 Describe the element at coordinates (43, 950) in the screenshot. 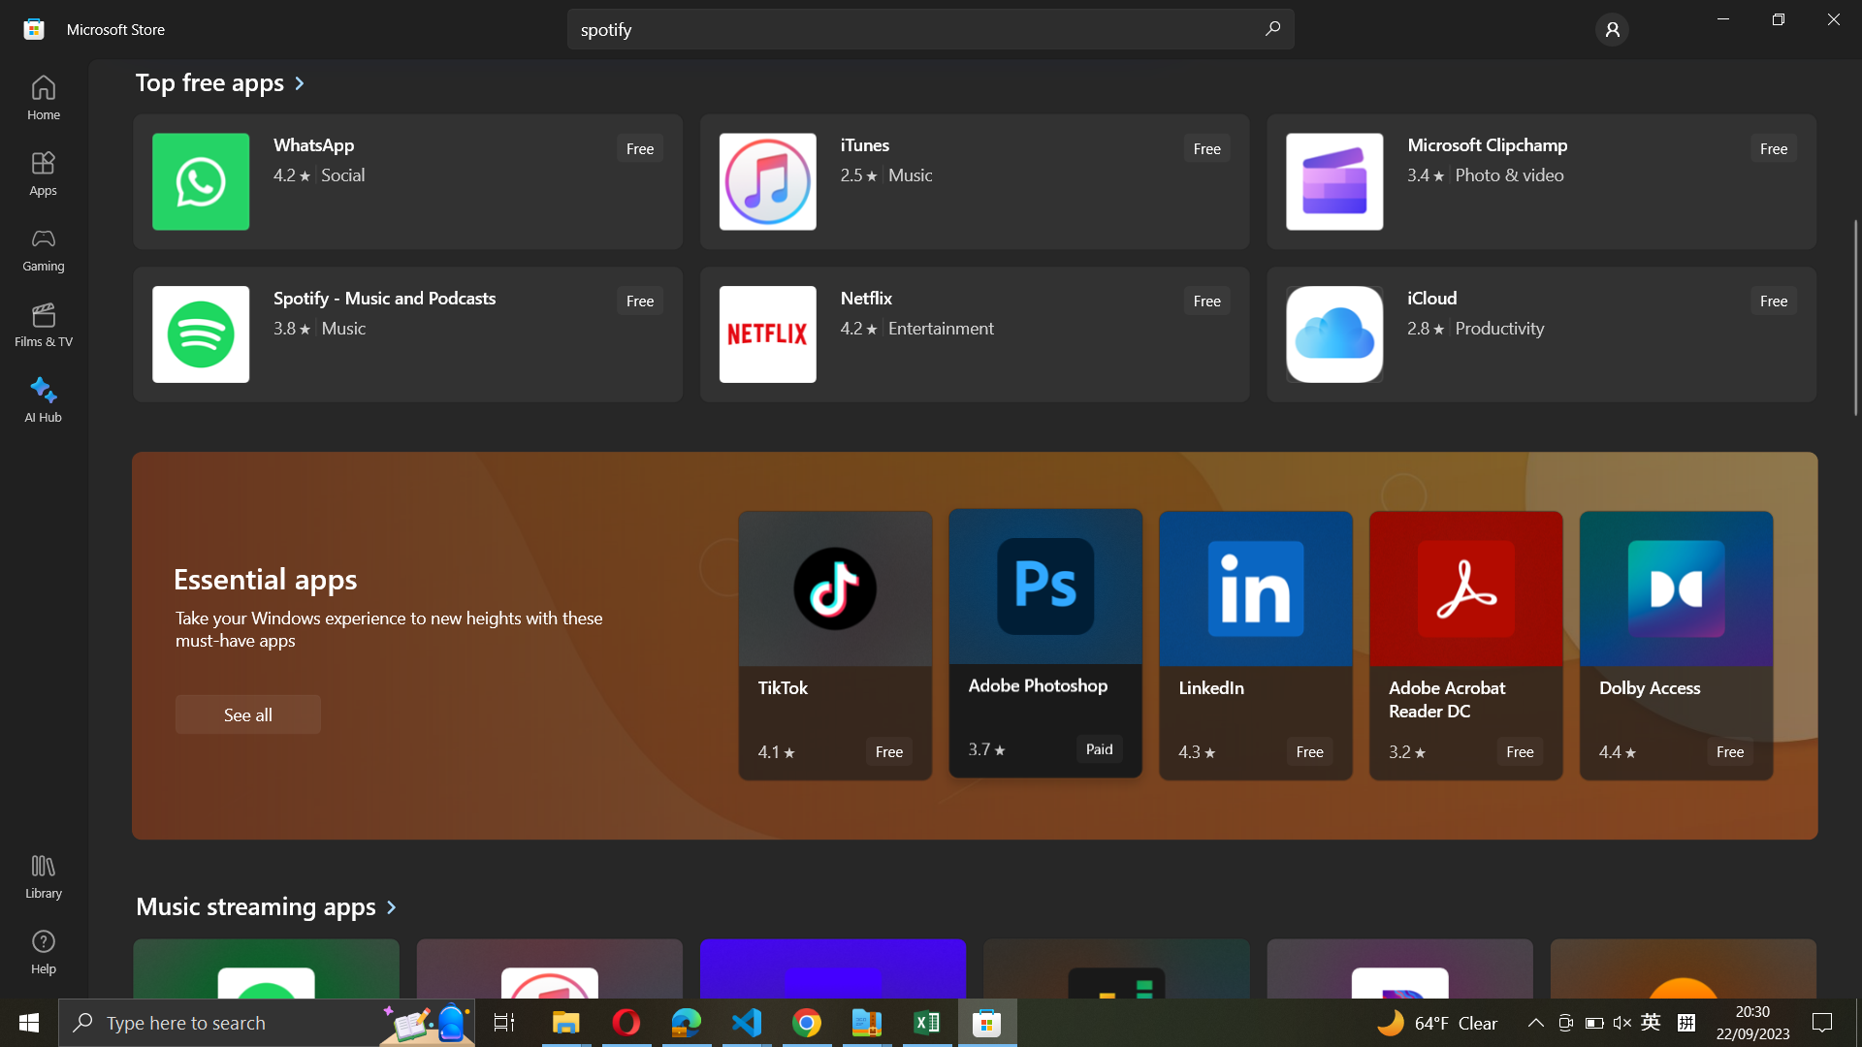

I see `Help menu` at that location.